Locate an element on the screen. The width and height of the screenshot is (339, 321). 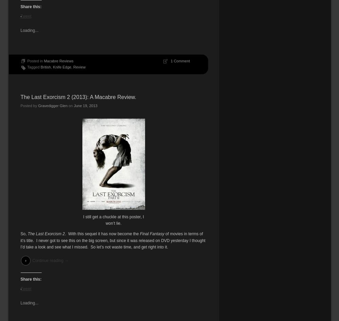
'So,' is located at coordinates (23, 233).